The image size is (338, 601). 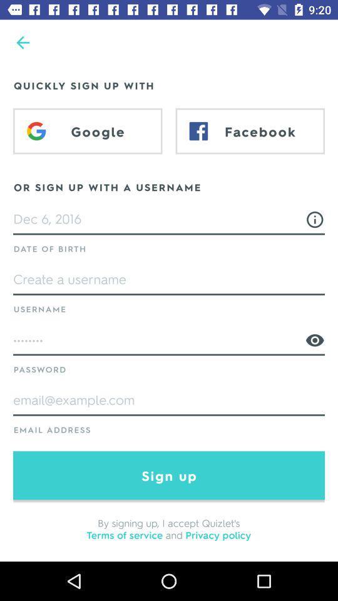 I want to click on item above or sign up, so click(x=87, y=131).